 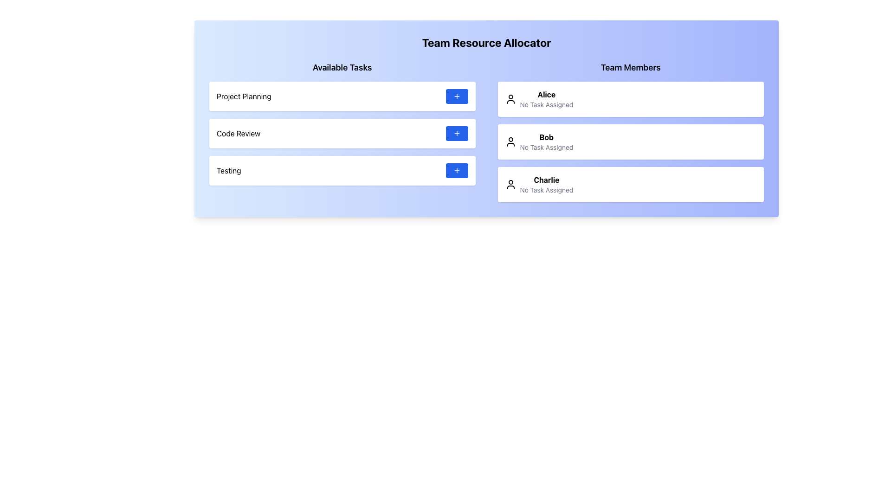 What do you see at coordinates (510, 99) in the screenshot?
I see `the user icon representing 'Alice' in the Team Members area, which is a minimalist line drawing of a person located at the top-left corner of the section displaying her name and task status` at bounding box center [510, 99].